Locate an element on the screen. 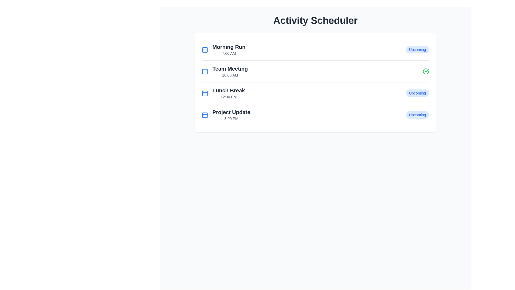  the completion icon located on the right side of the 'Team Meeting' row is located at coordinates (426, 71).